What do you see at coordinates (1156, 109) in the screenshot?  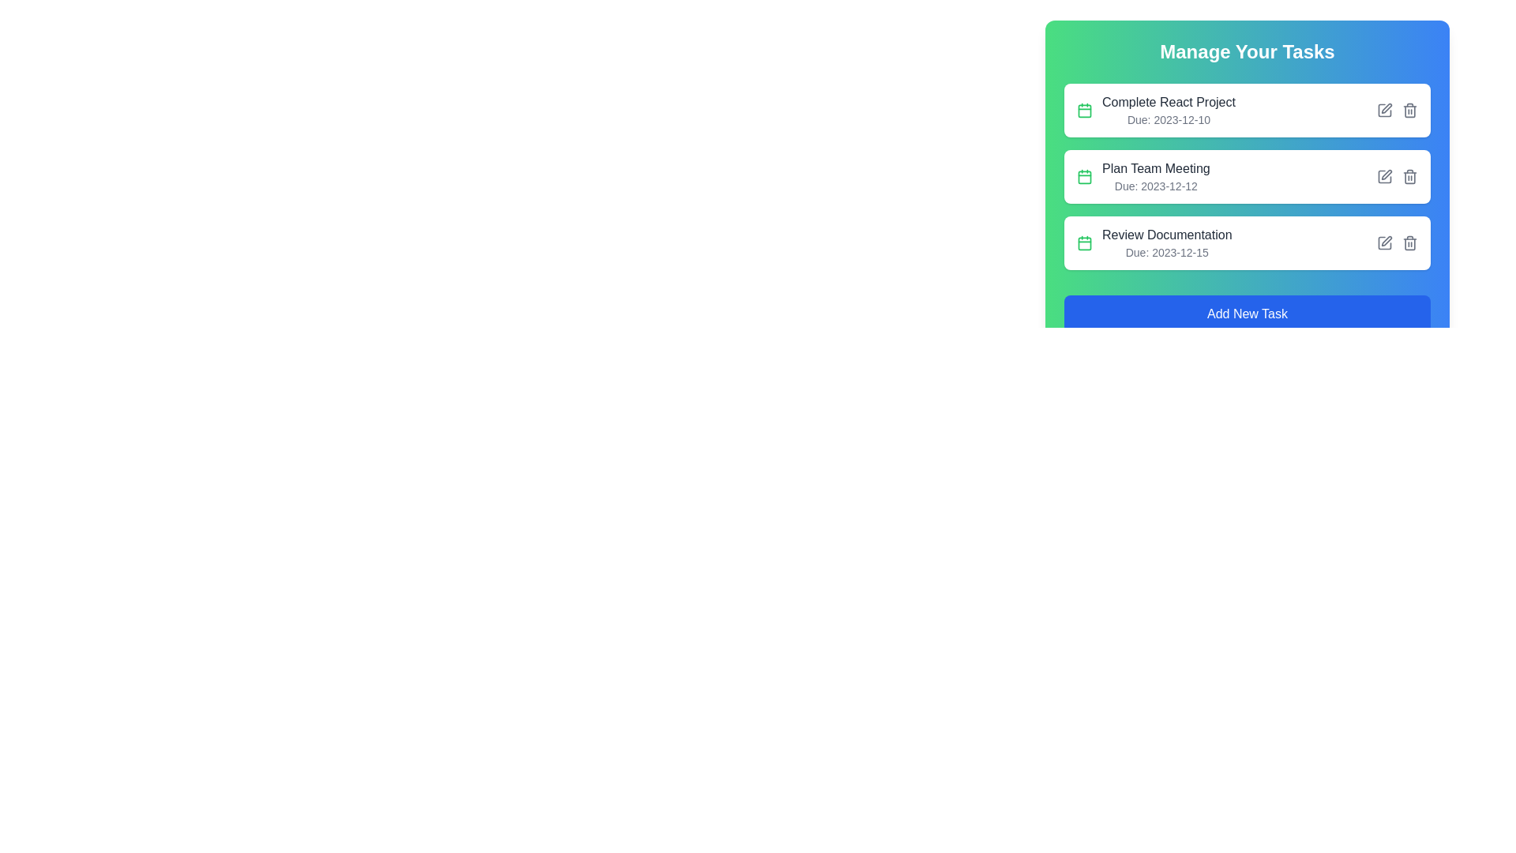 I see `the task label displaying 'Complete React Project' with the due date 'Due: 2023-12-10'` at bounding box center [1156, 109].